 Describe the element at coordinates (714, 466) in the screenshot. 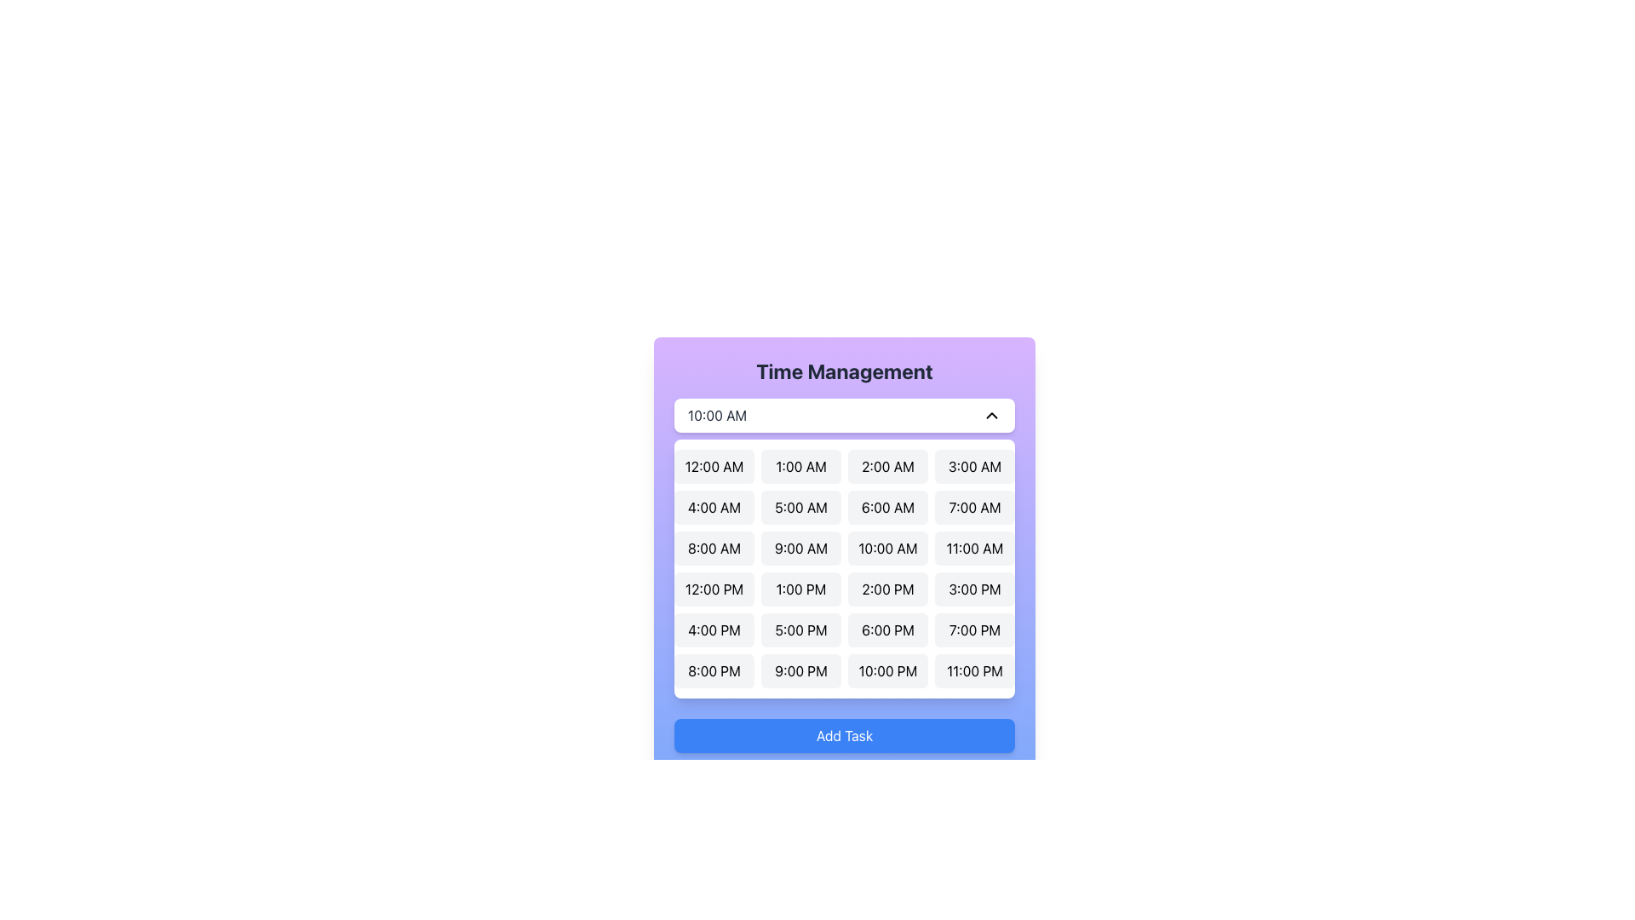

I see `the '12:00 AM' button, which is a rectangular button located in the top-left of the time selection grid in the 'Time Management' popover` at that location.